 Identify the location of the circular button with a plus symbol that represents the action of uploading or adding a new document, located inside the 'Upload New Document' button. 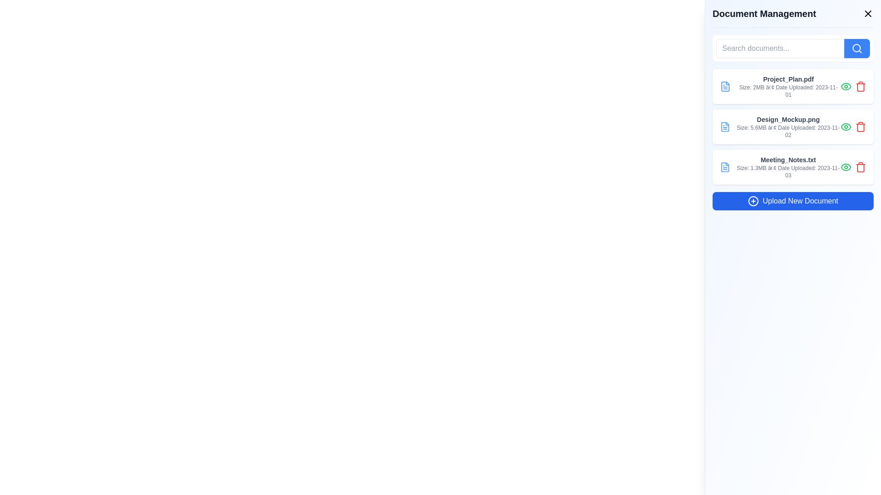
(753, 201).